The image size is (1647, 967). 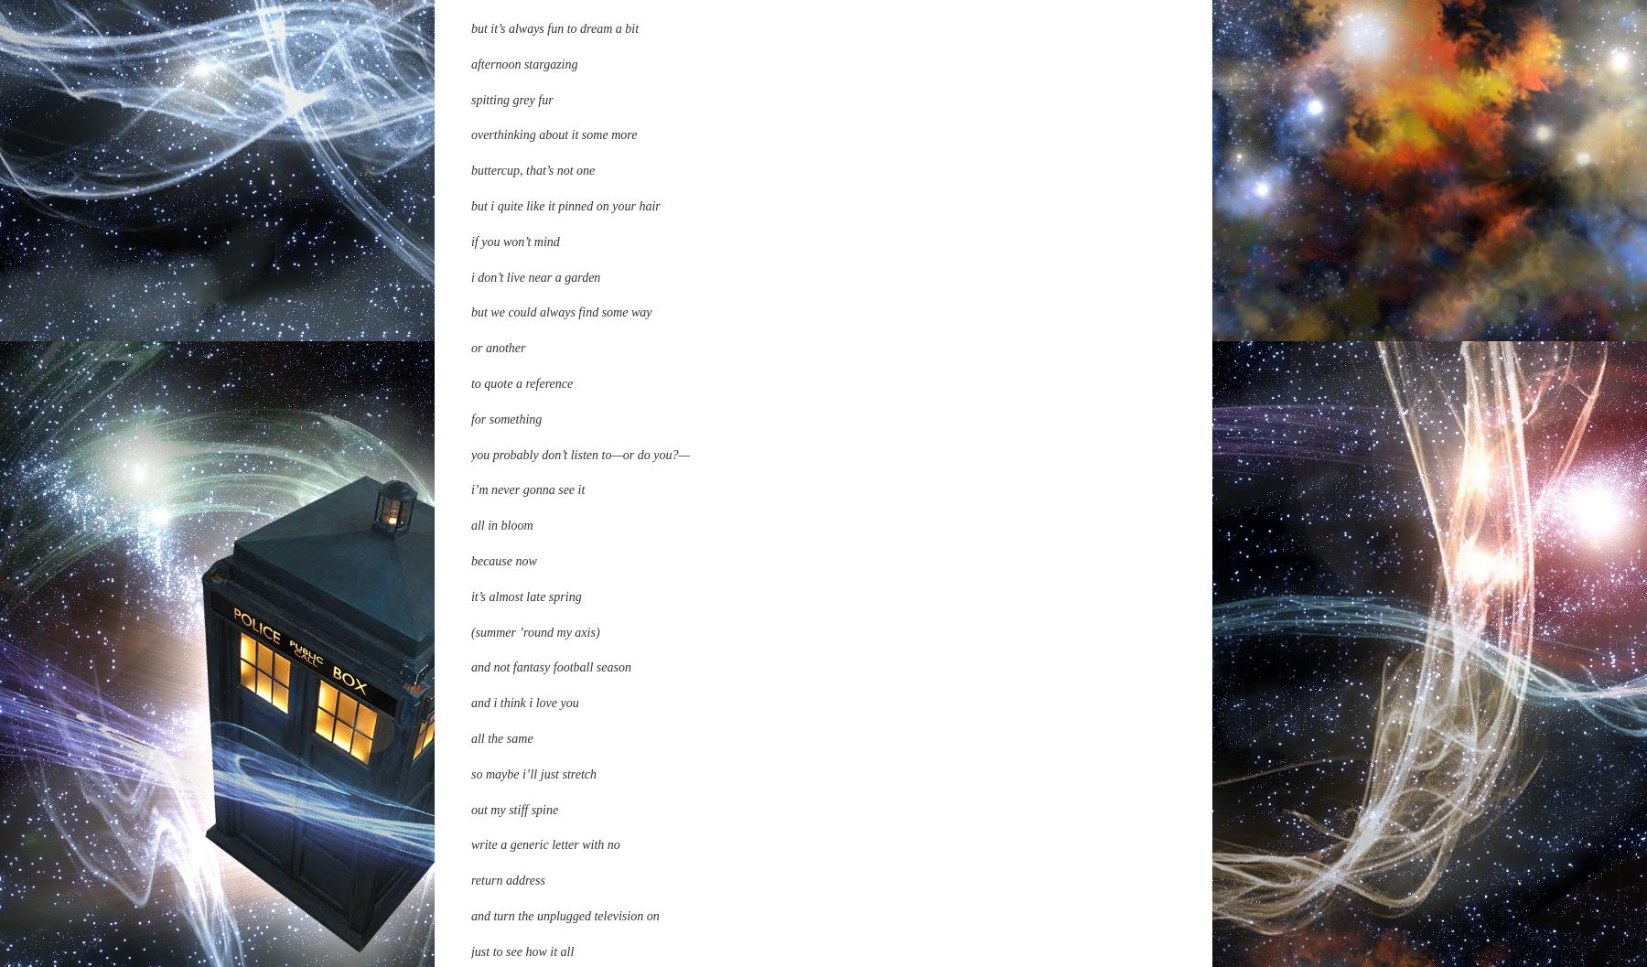 I want to click on 'and staying up for 38 hours', so click(x=542, y=378).